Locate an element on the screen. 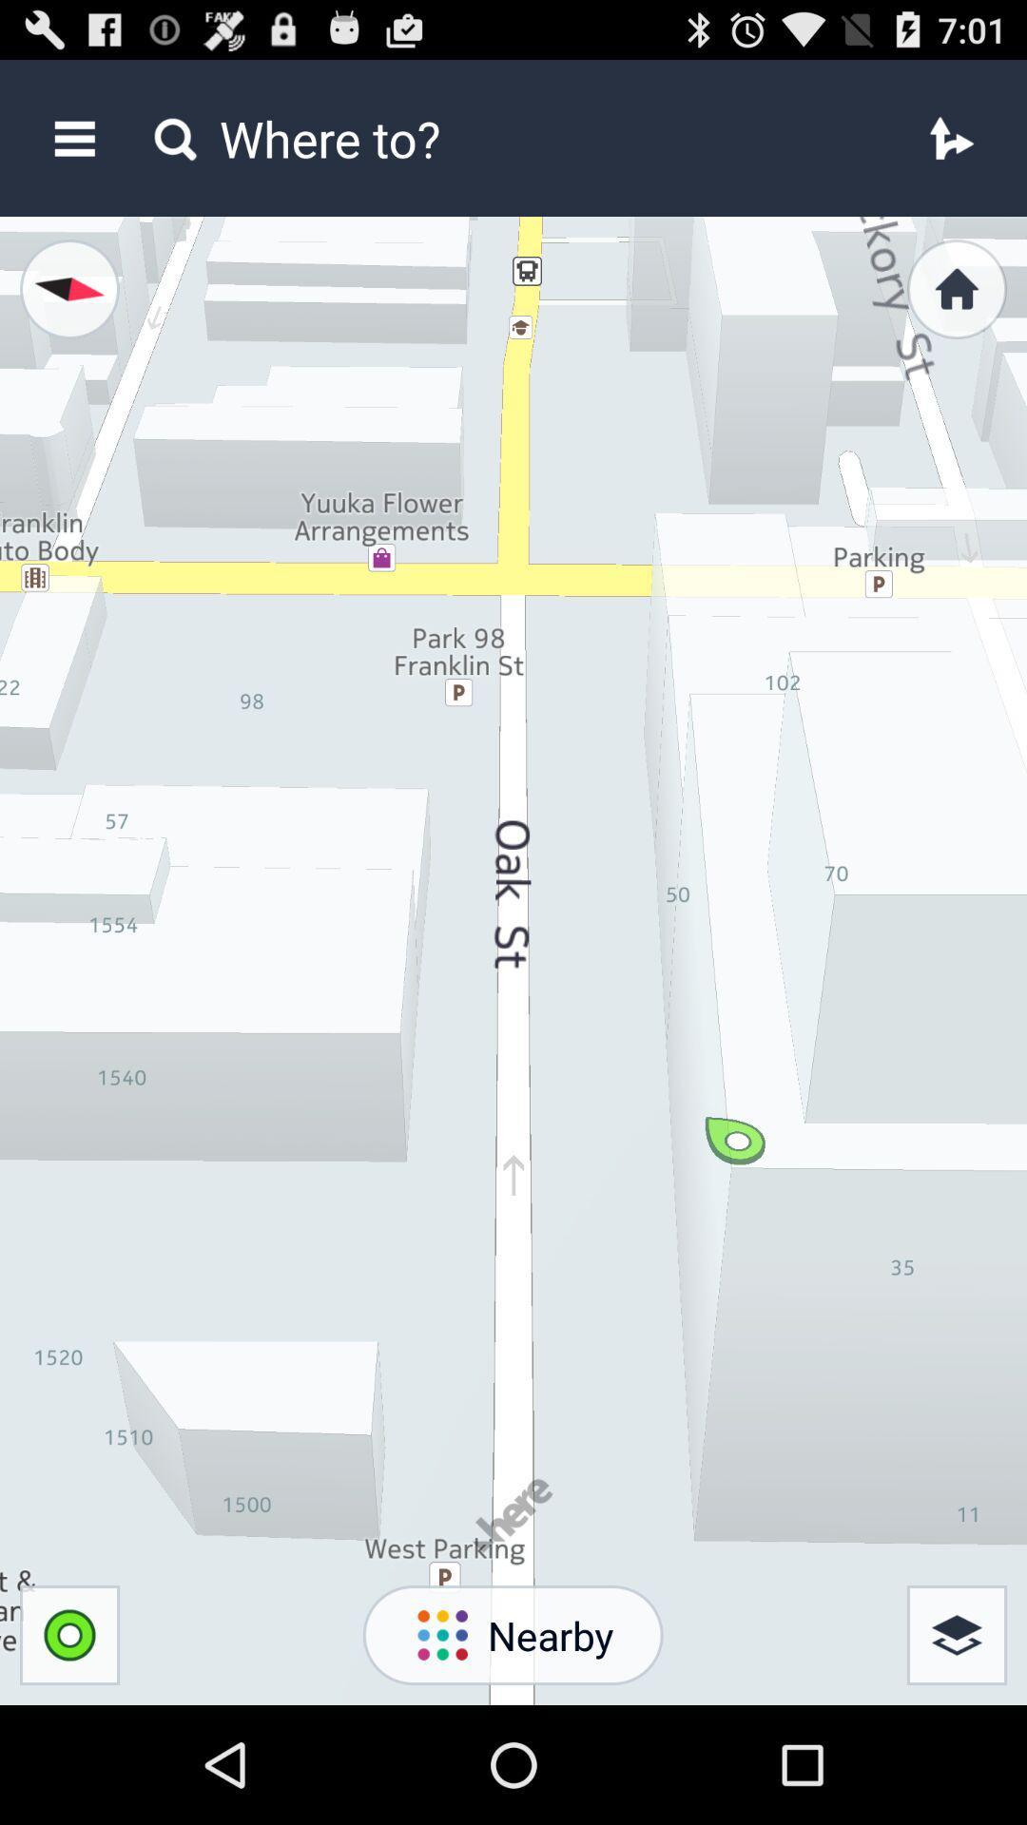  the layers icon is located at coordinates (957, 1749).